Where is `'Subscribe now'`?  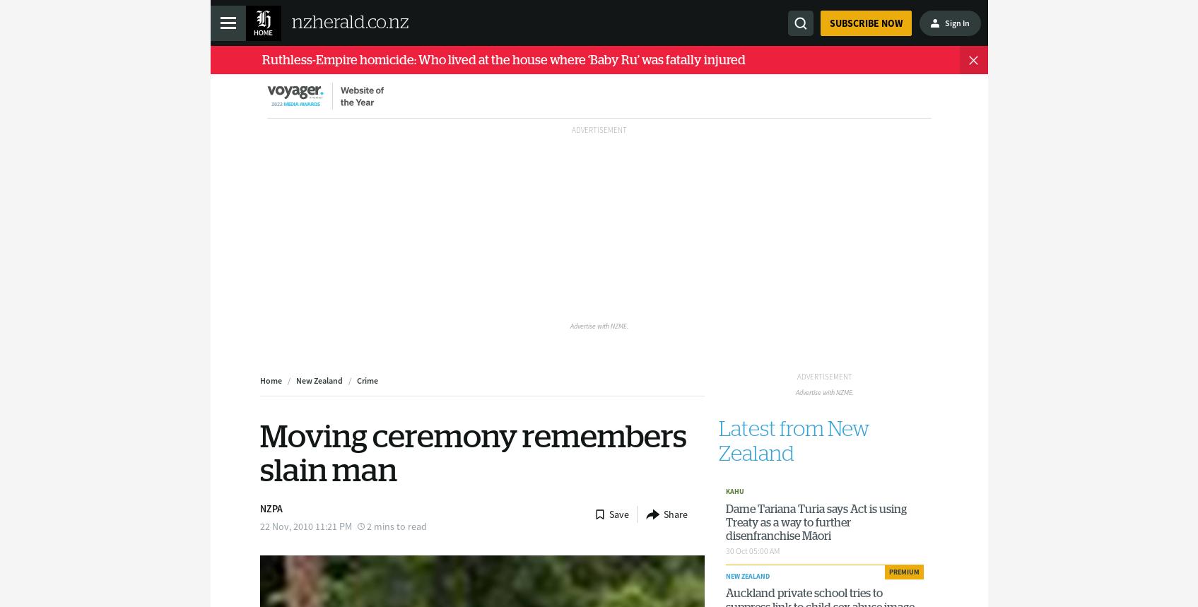
'Subscribe now' is located at coordinates (828, 23).